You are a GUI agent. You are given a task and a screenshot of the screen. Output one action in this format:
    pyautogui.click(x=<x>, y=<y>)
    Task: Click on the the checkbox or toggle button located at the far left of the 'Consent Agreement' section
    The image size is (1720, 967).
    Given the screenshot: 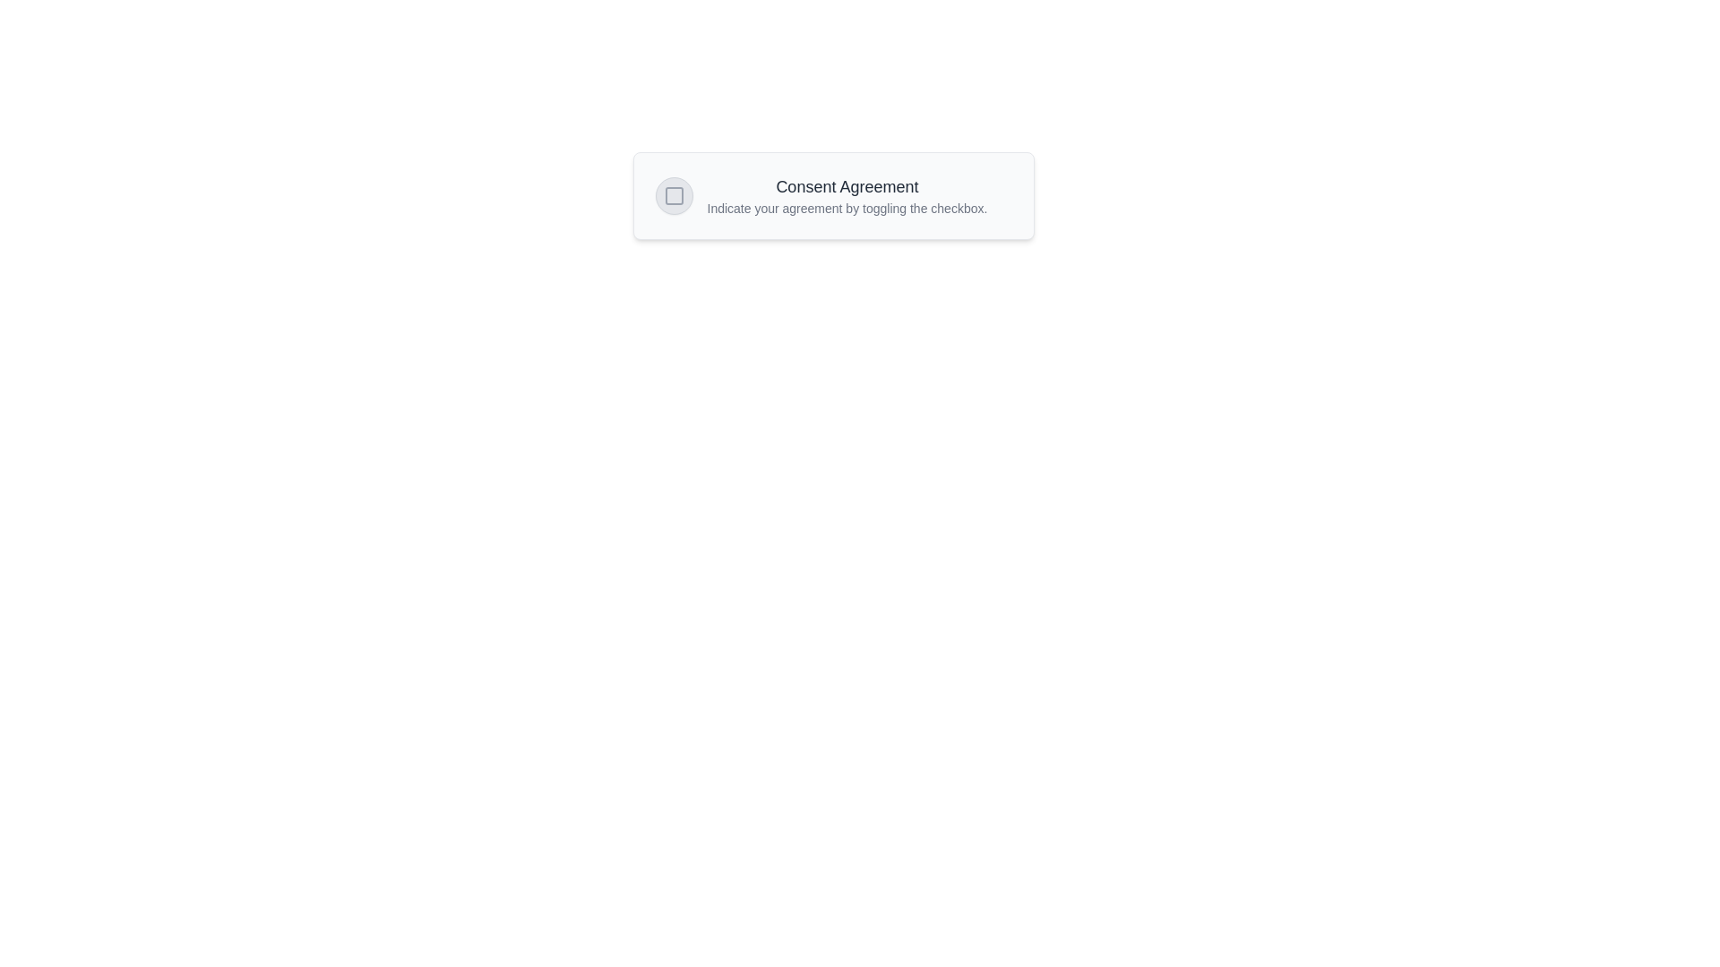 What is the action you would take?
    pyautogui.click(x=673, y=196)
    